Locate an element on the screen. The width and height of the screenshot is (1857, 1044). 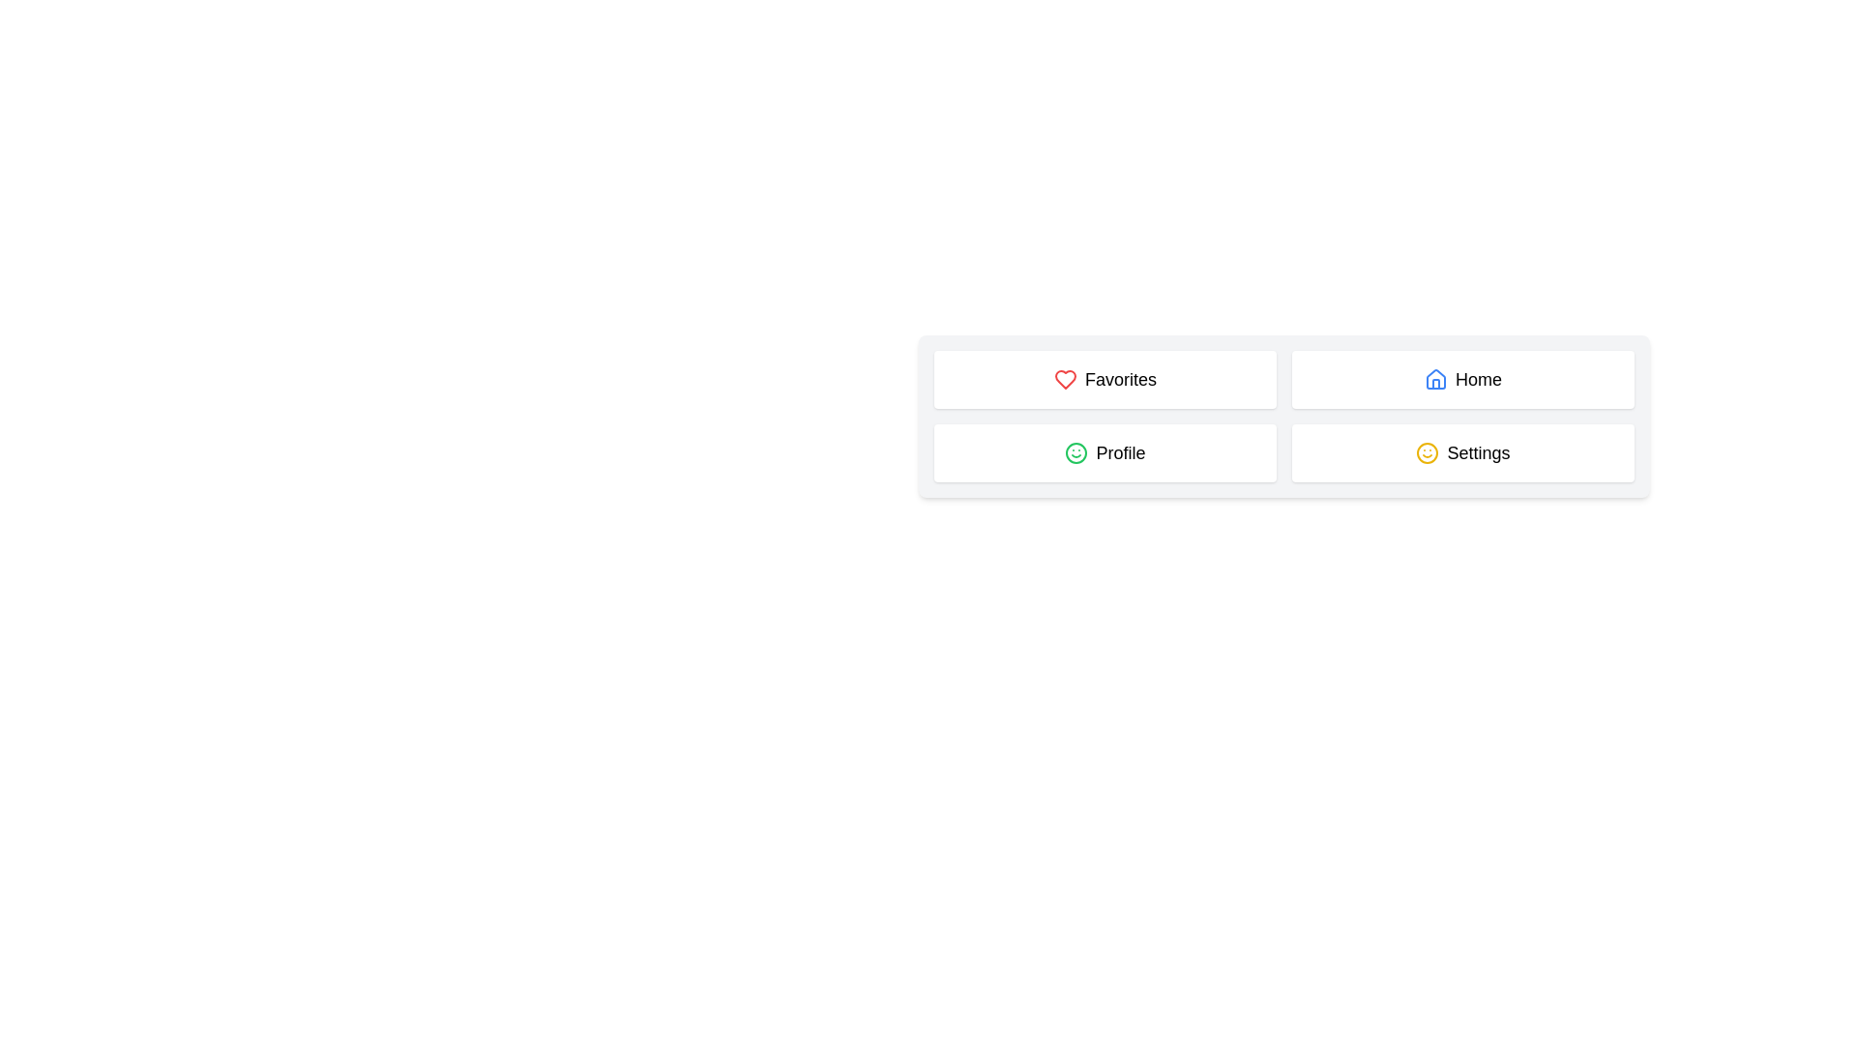
the 'Favorites' button located in the top-left corner of the 2x2 grid layout, which is adjacent to the 'Home' button and above the 'Profile' button is located at coordinates (1105, 380).